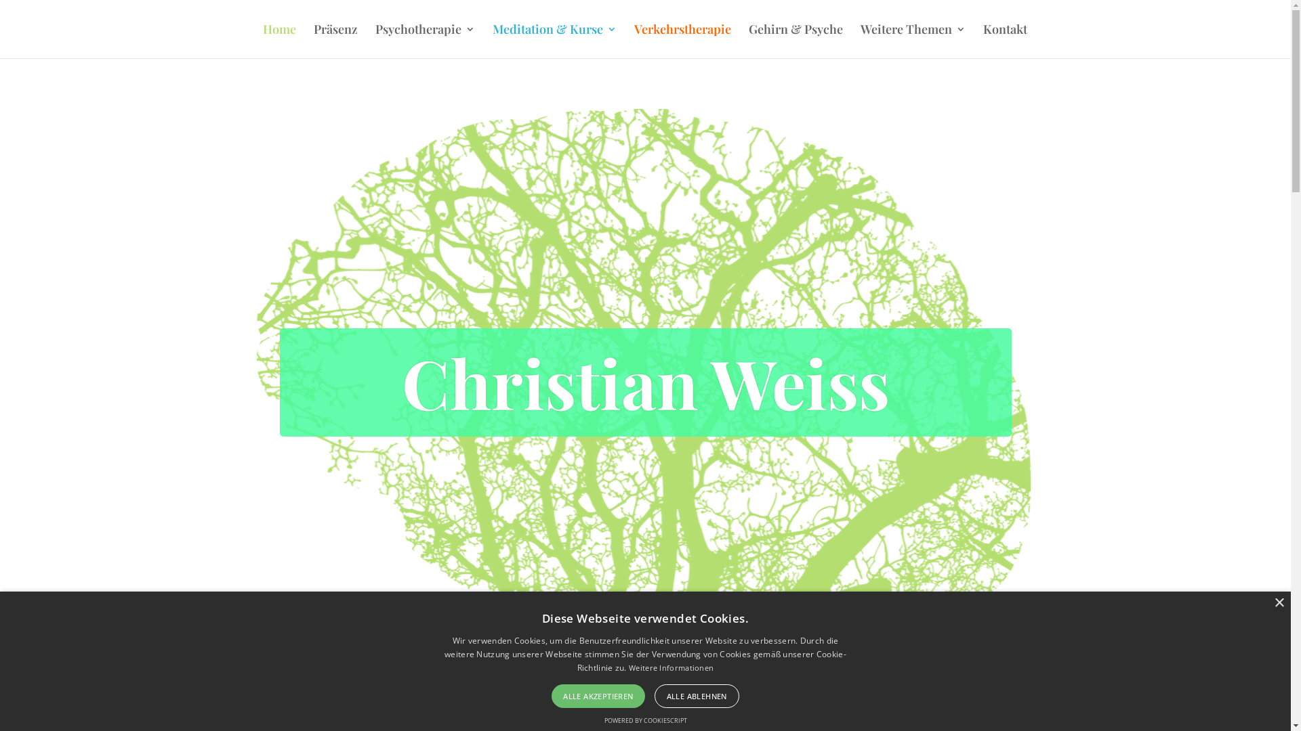 The width and height of the screenshot is (1301, 731). What do you see at coordinates (645, 719) in the screenshot?
I see `'POWERED BY COOKIESCRIPT'` at bounding box center [645, 719].